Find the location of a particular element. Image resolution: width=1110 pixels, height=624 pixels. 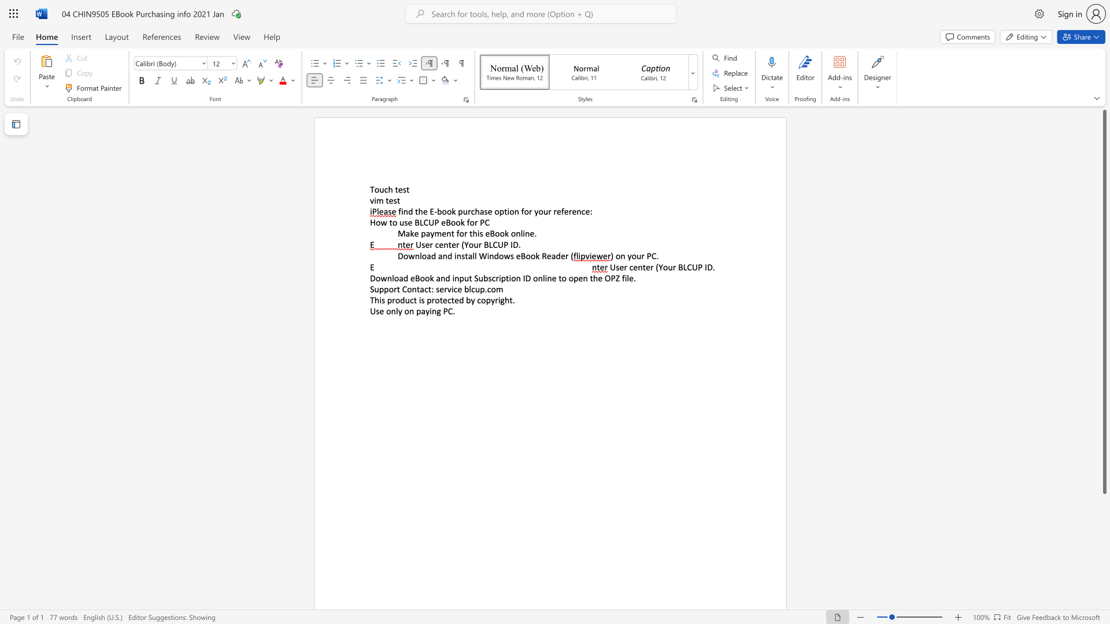

the 4th character "e" in the text is located at coordinates (600, 278).